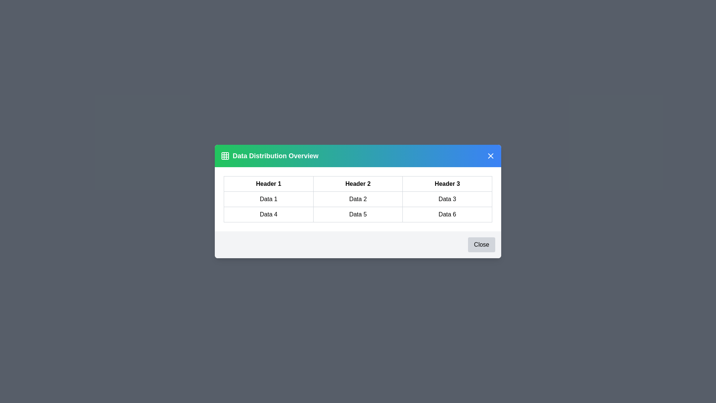 This screenshot has width=716, height=403. Describe the element at coordinates (481, 244) in the screenshot. I see `the 'Close' button in the dialog footer` at that location.